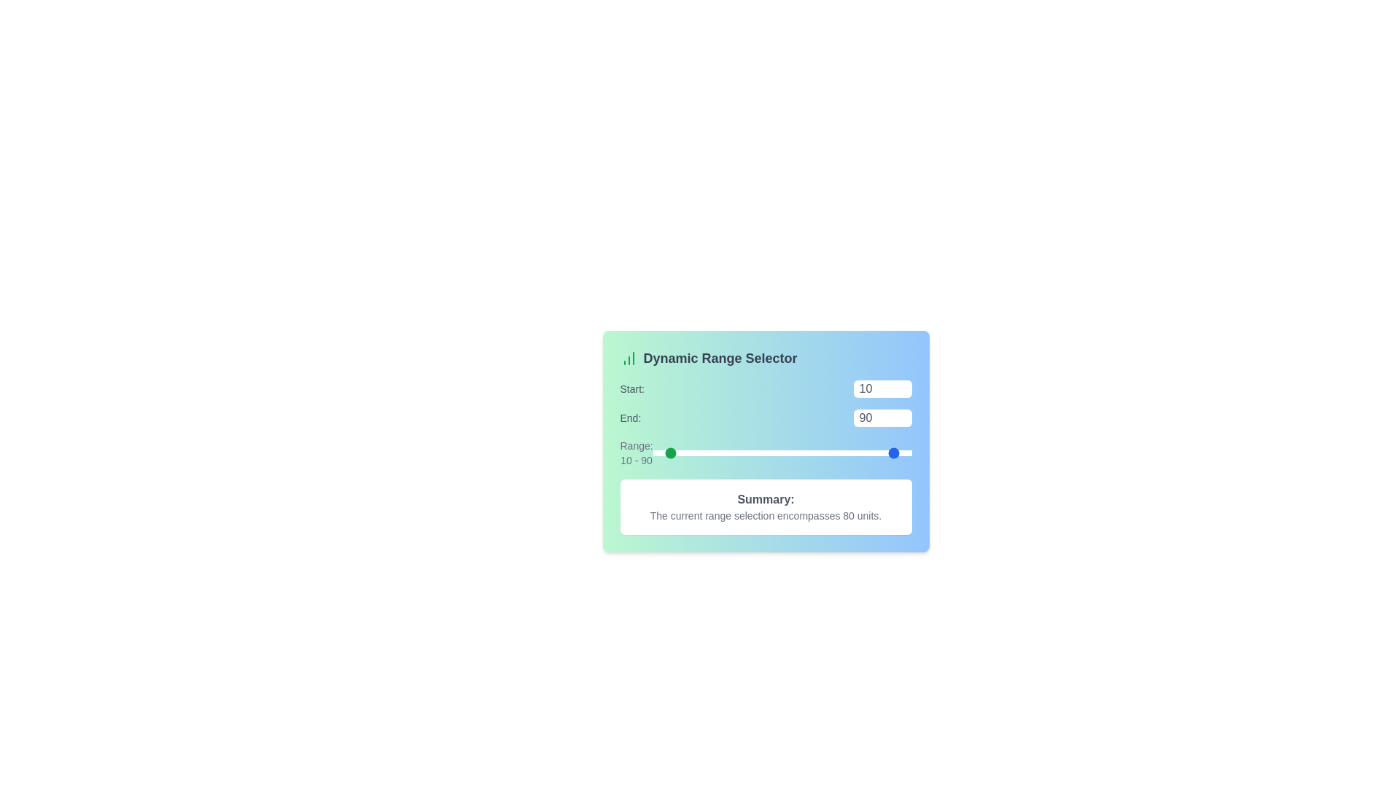 This screenshot has height=787, width=1400. What do you see at coordinates (892, 452) in the screenshot?
I see `the 'End' slider to set the range end value to 86` at bounding box center [892, 452].